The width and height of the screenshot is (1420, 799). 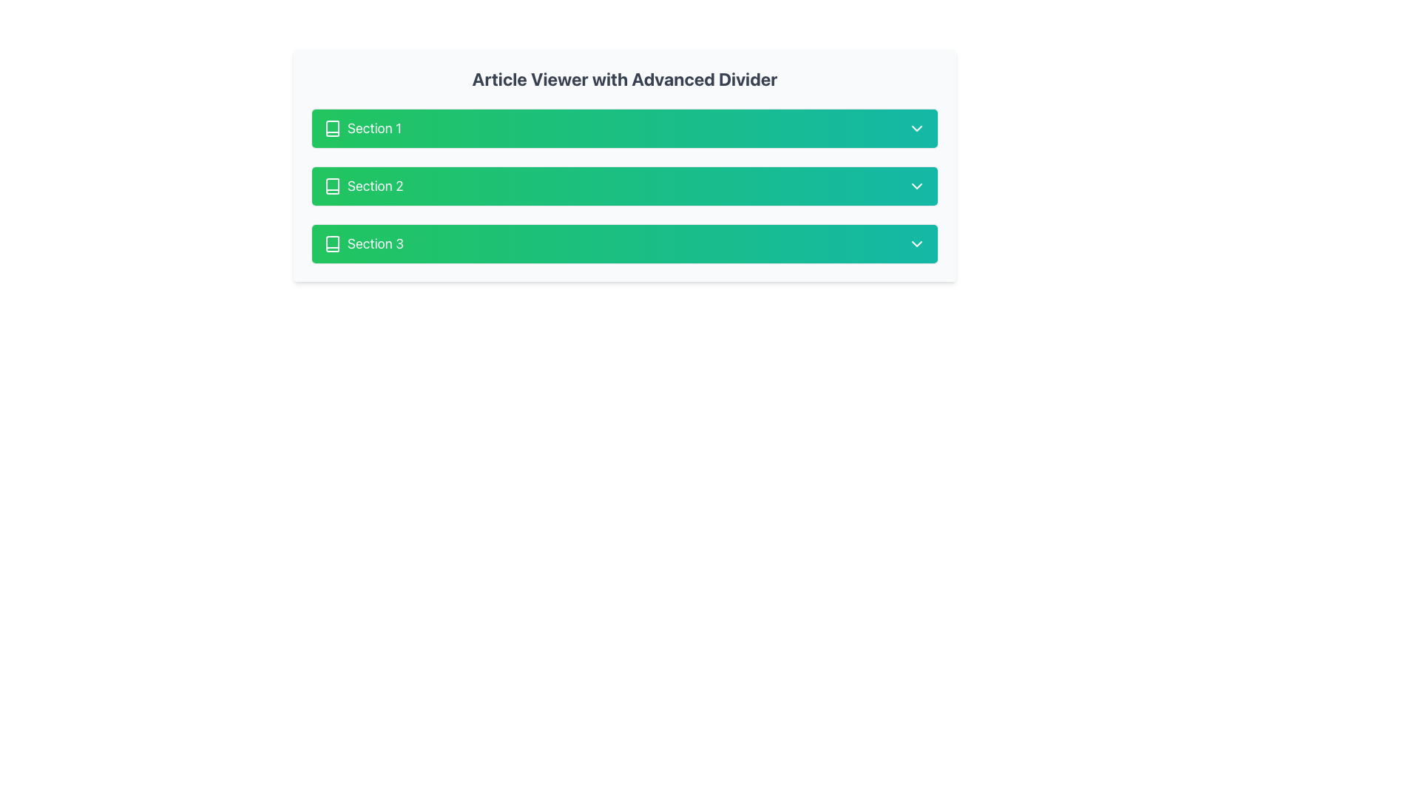 I want to click on the downward-pointing chevron icon with a green background on the right side of the 'Section 2' bar, so click(x=916, y=185).